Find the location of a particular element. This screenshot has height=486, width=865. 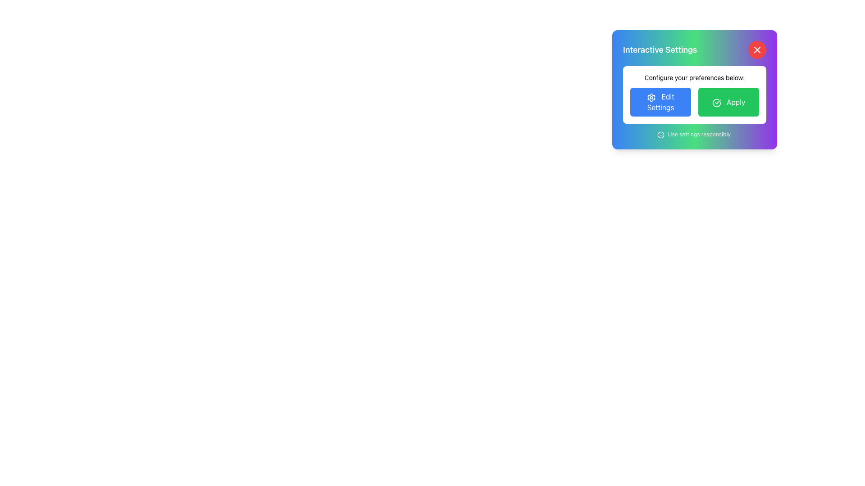

the informational icon located to the left of the text 'Use settings responsibly' in the footer area of the modal interface is located at coordinates (661, 135).